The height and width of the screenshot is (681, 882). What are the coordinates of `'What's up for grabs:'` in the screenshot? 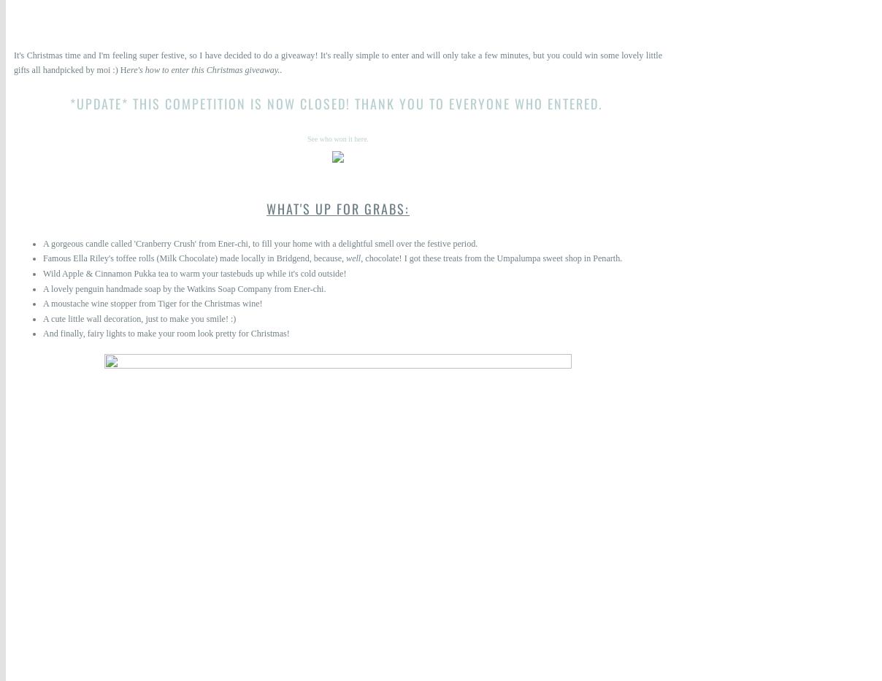 It's located at (338, 208).